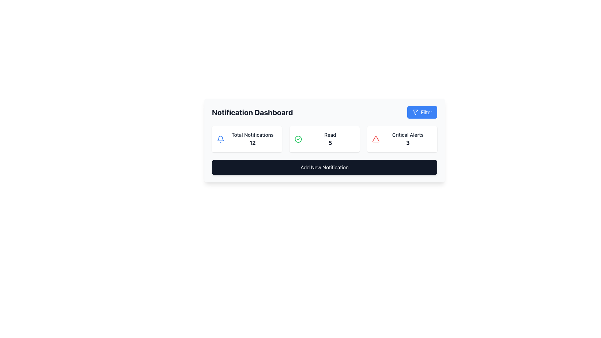  What do you see at coordinates (422, 112) in the screenshot?
I see `the blue rectangular button with rounded edges labeled 'Filter'` at bounding box center [422, 112].